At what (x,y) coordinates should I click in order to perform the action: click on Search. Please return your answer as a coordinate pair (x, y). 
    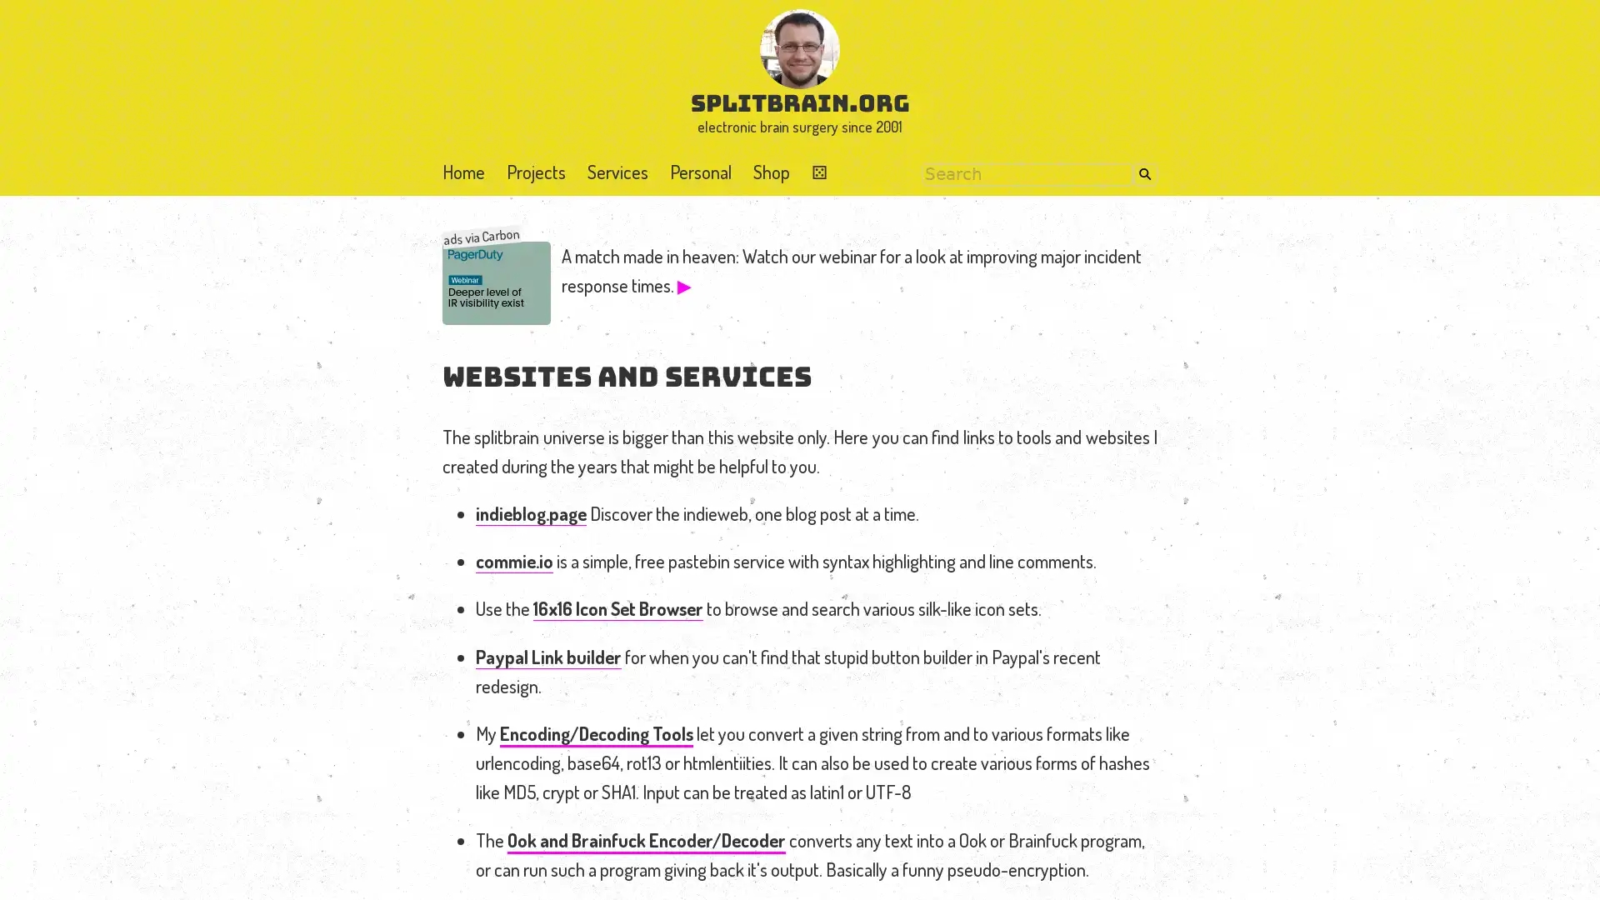
    Looking at the image, I should click on (1144, 174).